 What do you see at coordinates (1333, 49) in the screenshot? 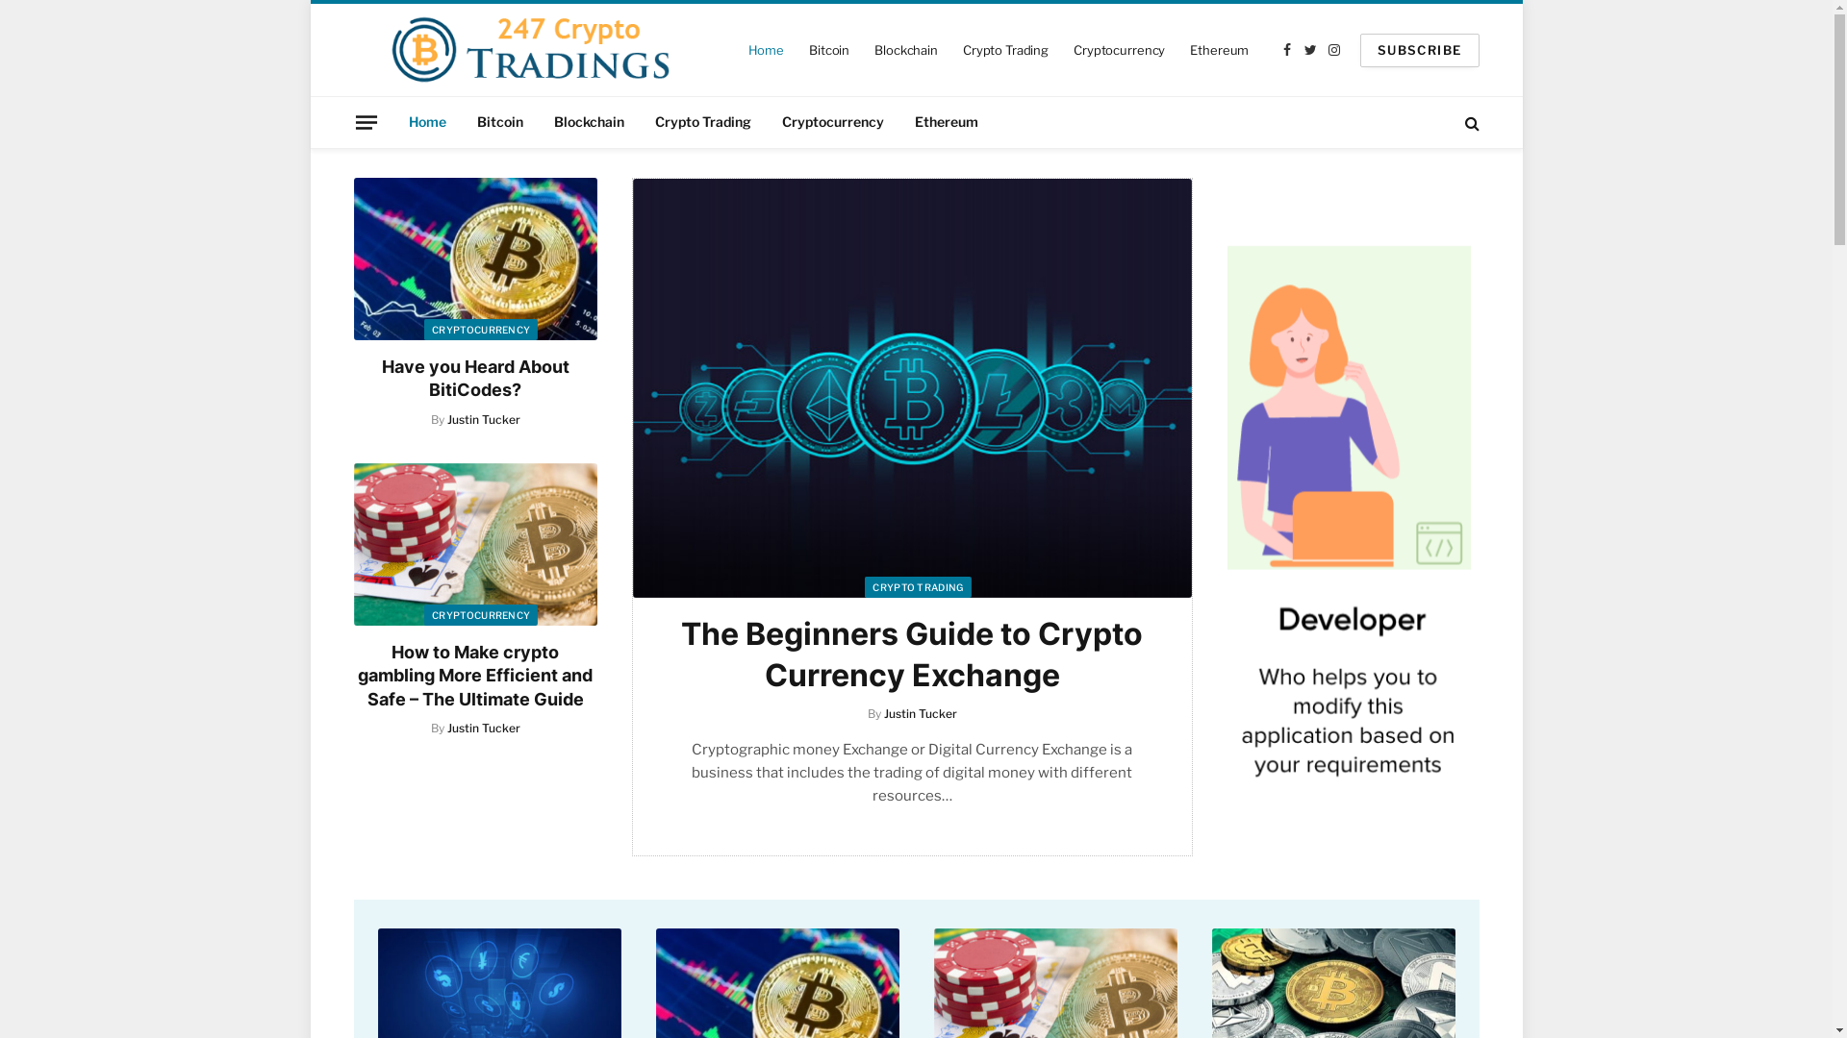
I see `'Instagram'` at bounding box center [1333, 49].